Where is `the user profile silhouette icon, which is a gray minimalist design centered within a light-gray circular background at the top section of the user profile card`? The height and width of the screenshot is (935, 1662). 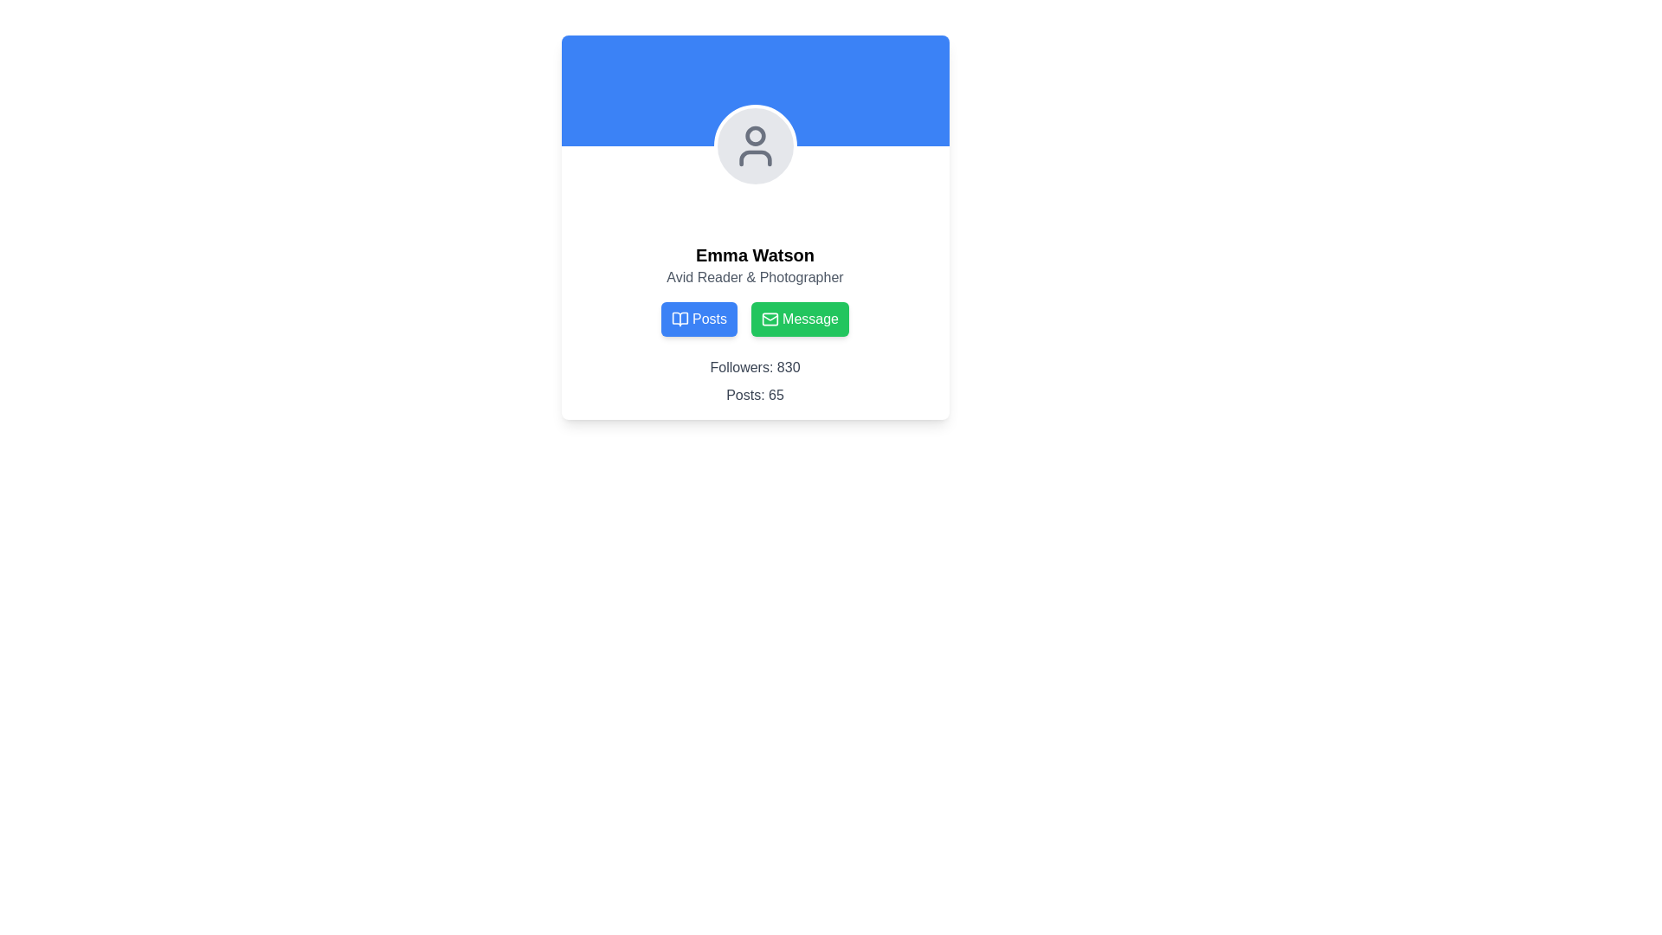 the user profile silhouette icon, which is a gray minimalist design centered within a light-gray circular background at the top section of the user profile card is located at coordinates (755, 145).